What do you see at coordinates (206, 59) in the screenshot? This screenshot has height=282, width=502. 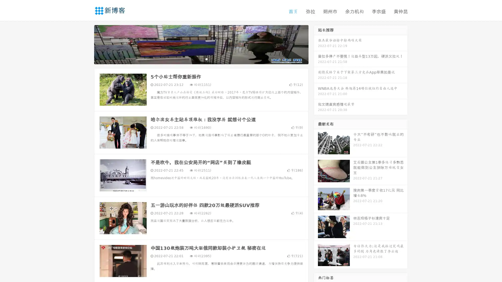 I see `Go to slide 3` at bounding box center [206, 59].